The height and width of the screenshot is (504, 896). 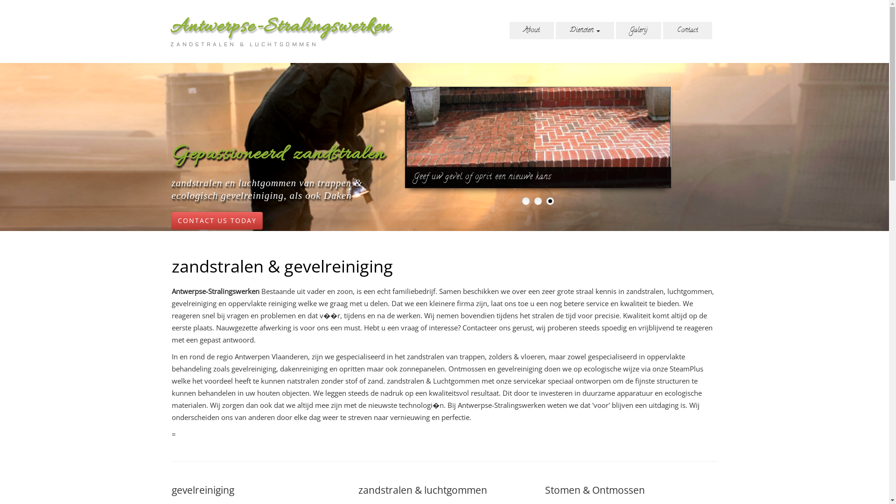 I want to click on 'Contact', so click(x=687, y=30).